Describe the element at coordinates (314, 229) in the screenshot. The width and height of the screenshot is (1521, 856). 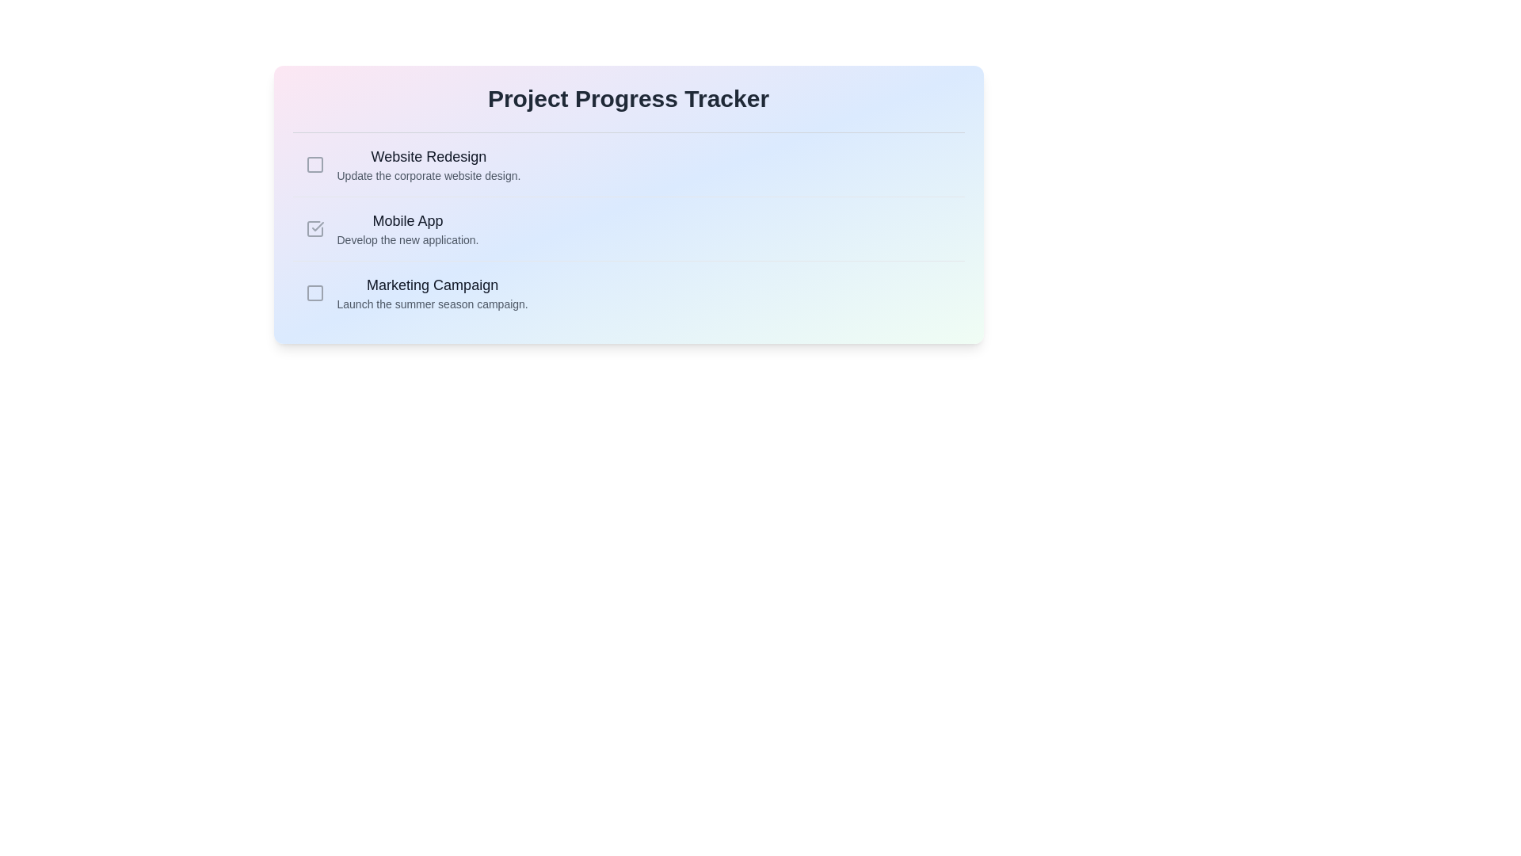
I see `the checkbox corresponding to the project titled 'Mobile App' to toggle its completion status` at that location.